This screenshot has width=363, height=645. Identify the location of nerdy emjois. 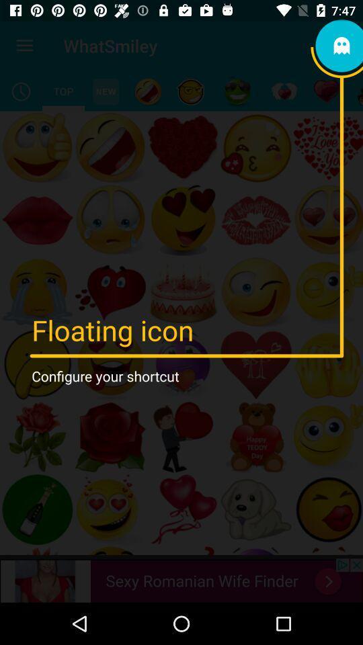
(190, 91).